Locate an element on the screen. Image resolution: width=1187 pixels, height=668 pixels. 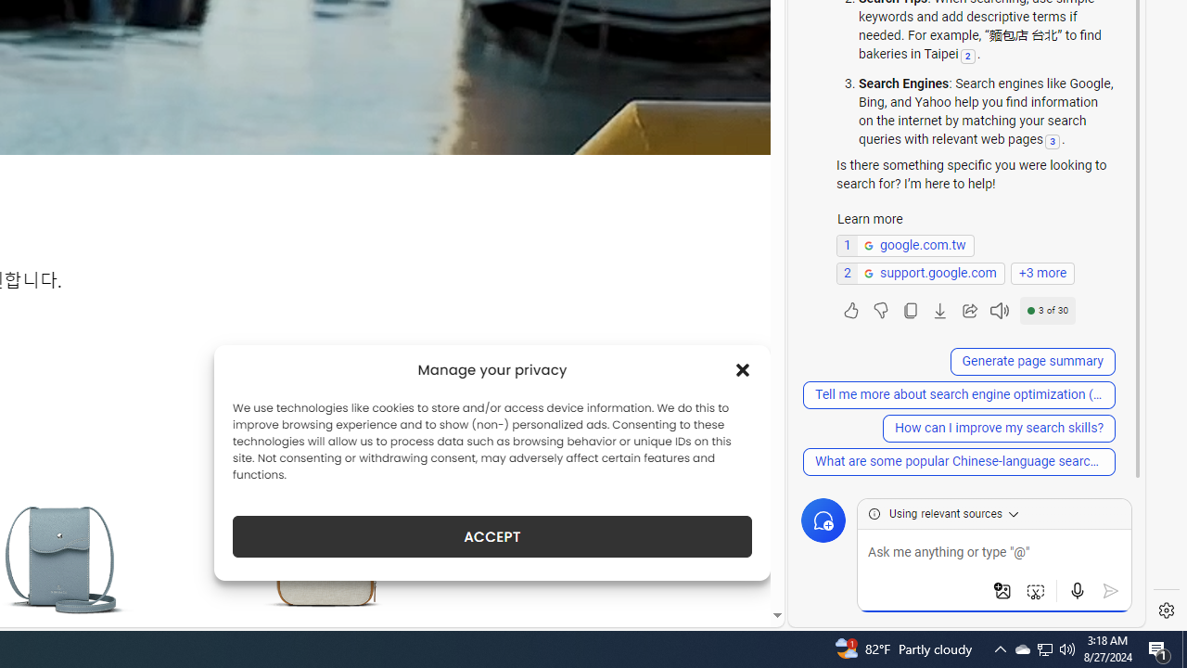
'Settings' is located at coordinates (1166, 610).